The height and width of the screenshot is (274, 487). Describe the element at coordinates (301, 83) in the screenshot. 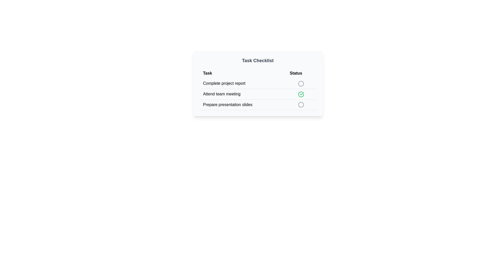

I see `the circular gray outlined icon in the 'Status' column adjacent to 'Complete project report'` at that location.